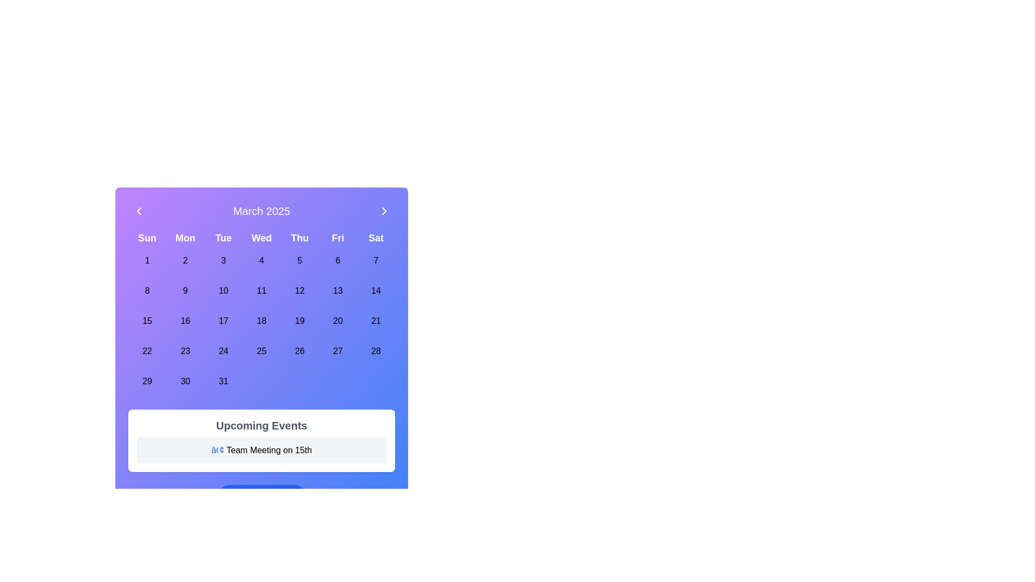  What do you see at coordinates (185, 238) in the screenshot?
I see `the 'Monday' label in the calendar view, which is the second item in the row of weekday labels, located between 'Sun' and 'Tue'` at bounding box center [185, 238].